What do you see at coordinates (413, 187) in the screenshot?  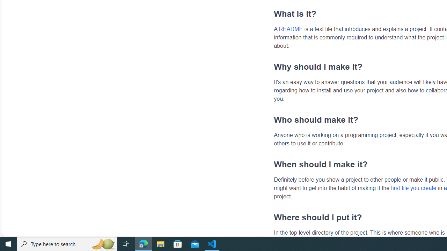 I see `'first file you create'` at bounding box center [413, 187].